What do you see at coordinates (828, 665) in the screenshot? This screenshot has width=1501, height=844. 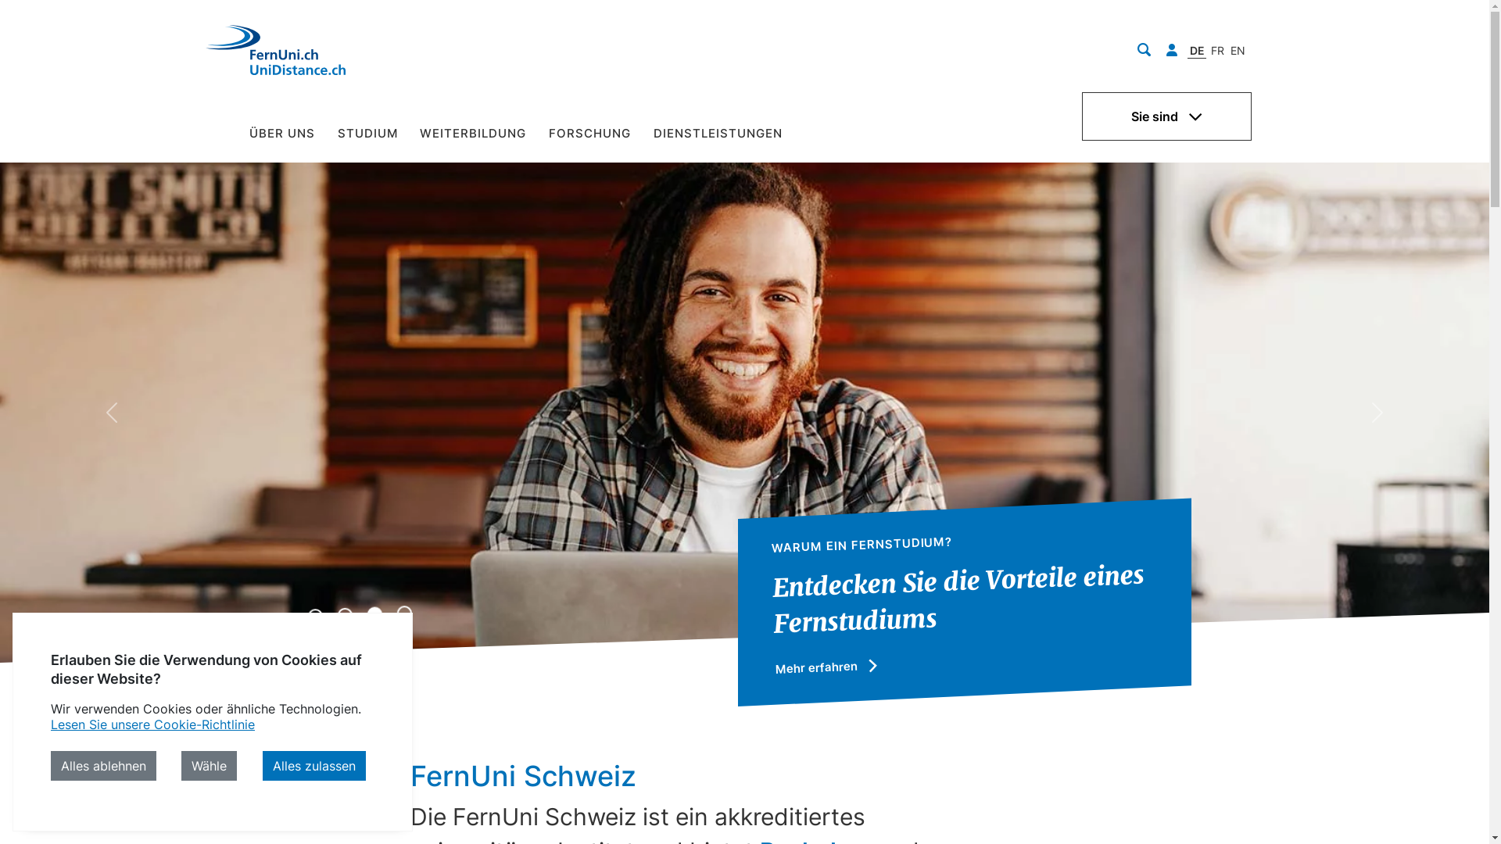 I see `'Mehr erfahren'` at bounding box center [828, 665].